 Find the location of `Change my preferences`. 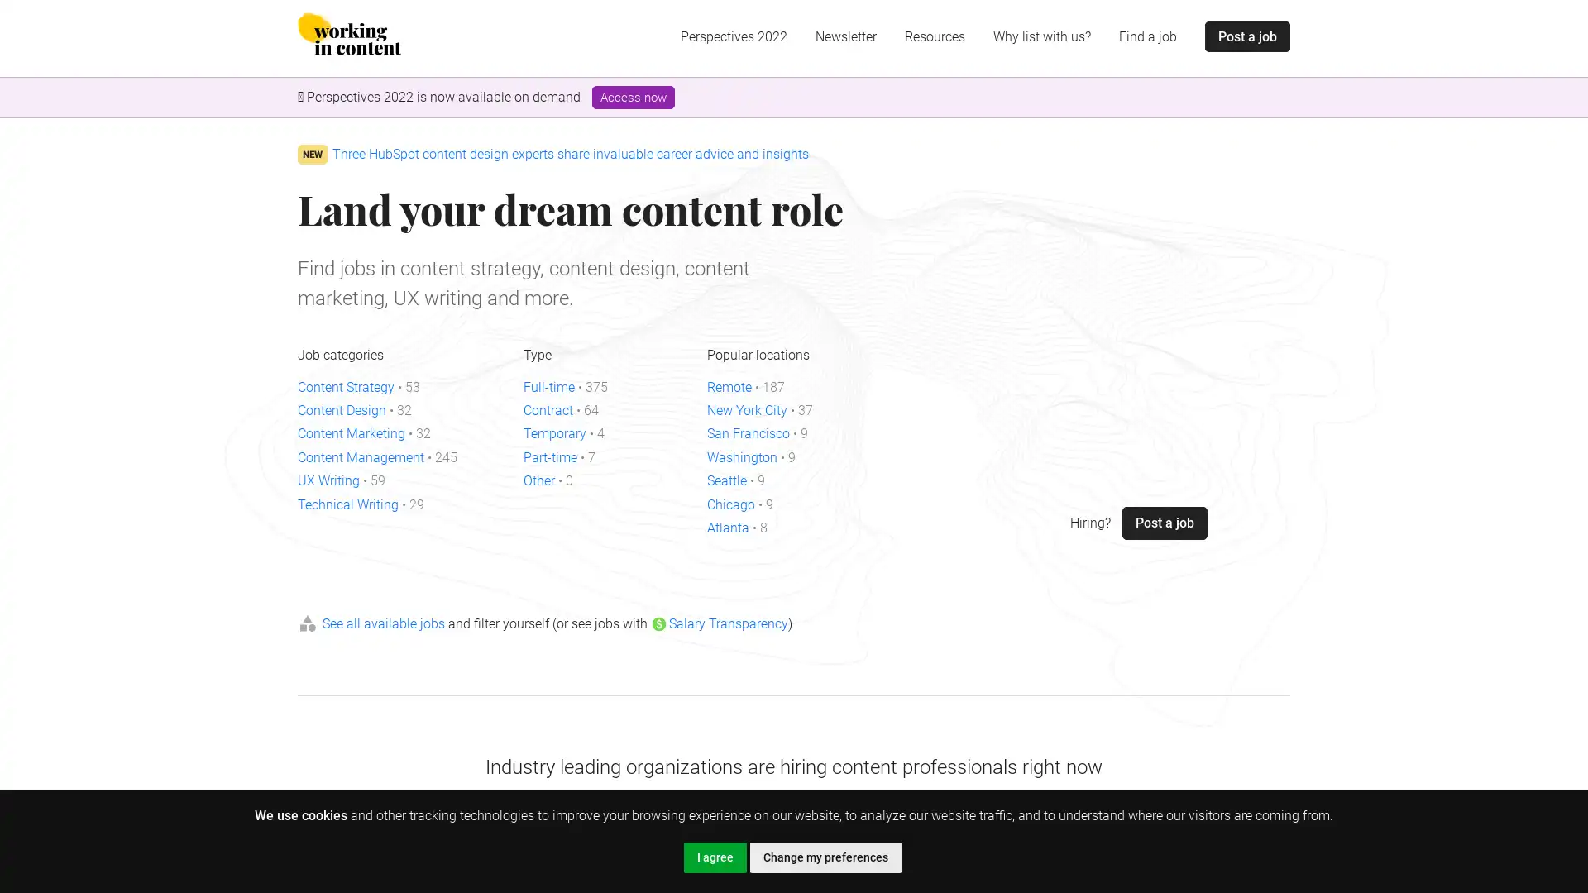

Change my preferences is located at coordinates (825, 857).